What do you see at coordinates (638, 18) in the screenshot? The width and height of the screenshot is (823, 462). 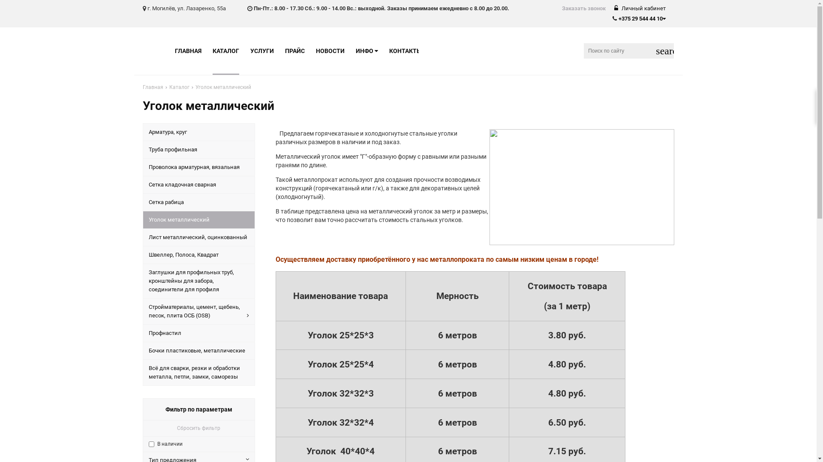 I see `'+375 29 544 44 10'` at bounding box center [638, 18].